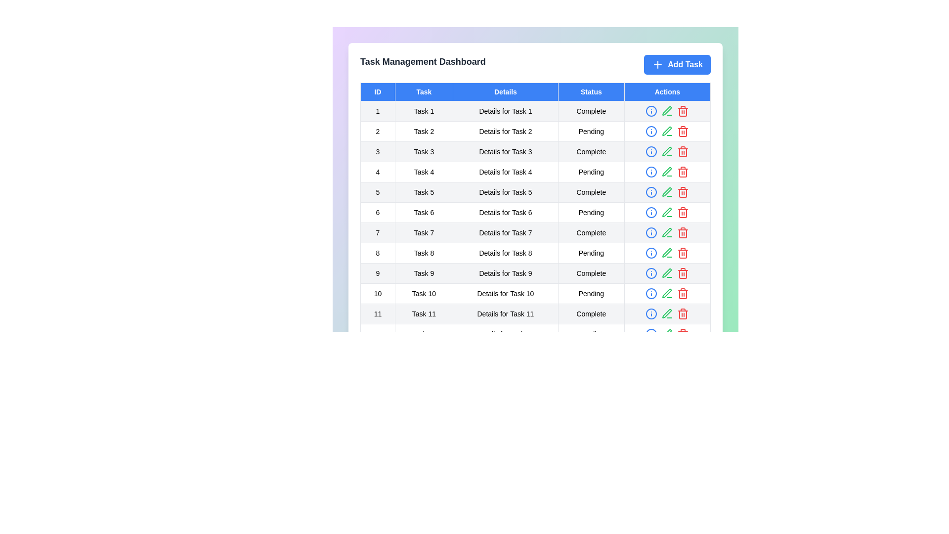 Image resolution: width=949 pixels, height=534 pixels. Describe the element at coordinates (667, 111) in the screenshot. I see `the button with the text Edit to display its hint` at that location.